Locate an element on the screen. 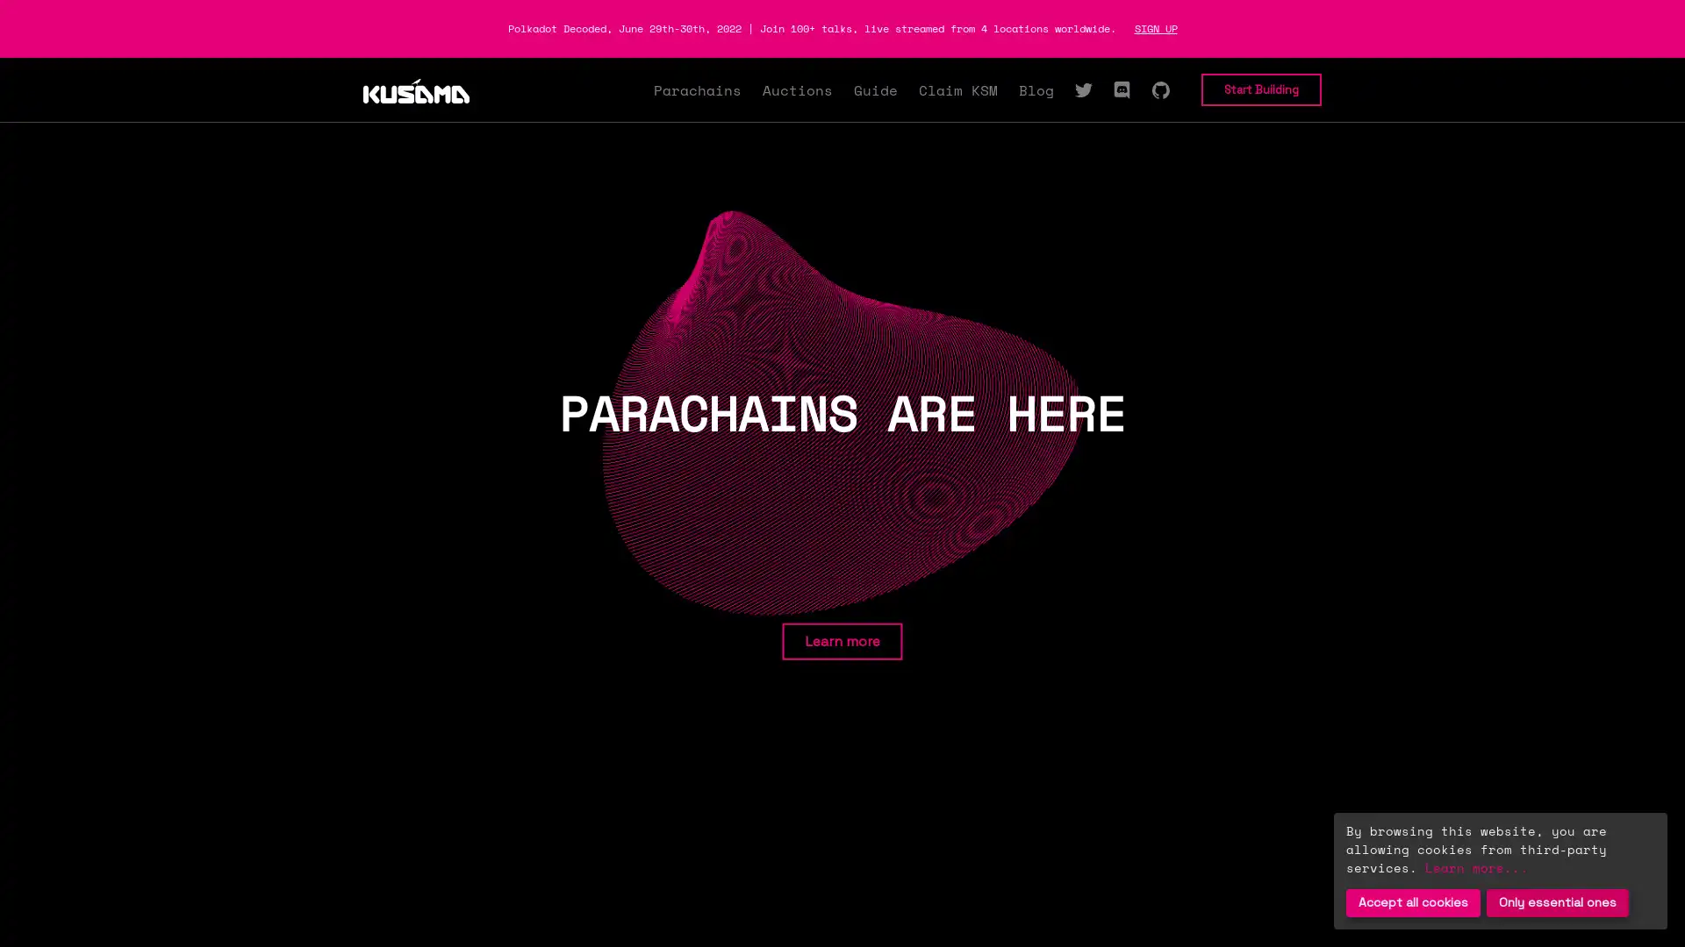 The height and width of the screenshot is (947, 1685). Only essential ones is located at coordinates (1558, 902).